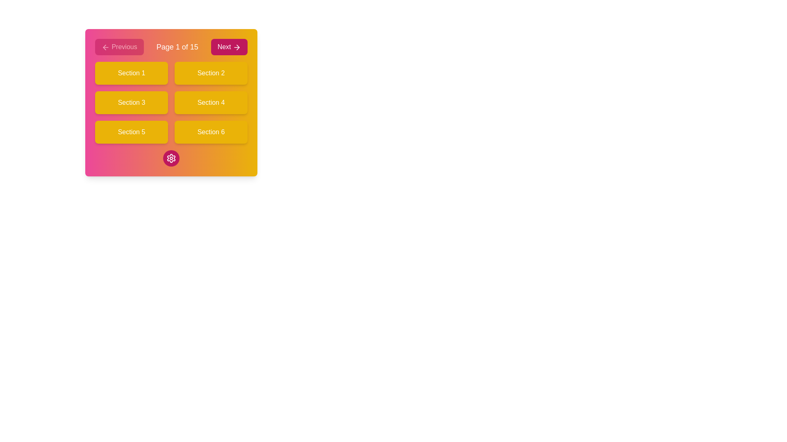 The height and width of the screenshot is (442, 787). What do you see at coordinates (177, 47) in the screenshot?
I see `the Text label that displays the current page number and total number of pages, positioned centrally between the 'Previous' and 'Next' buttons in the navigation bar` at bounding box center [177, 47].